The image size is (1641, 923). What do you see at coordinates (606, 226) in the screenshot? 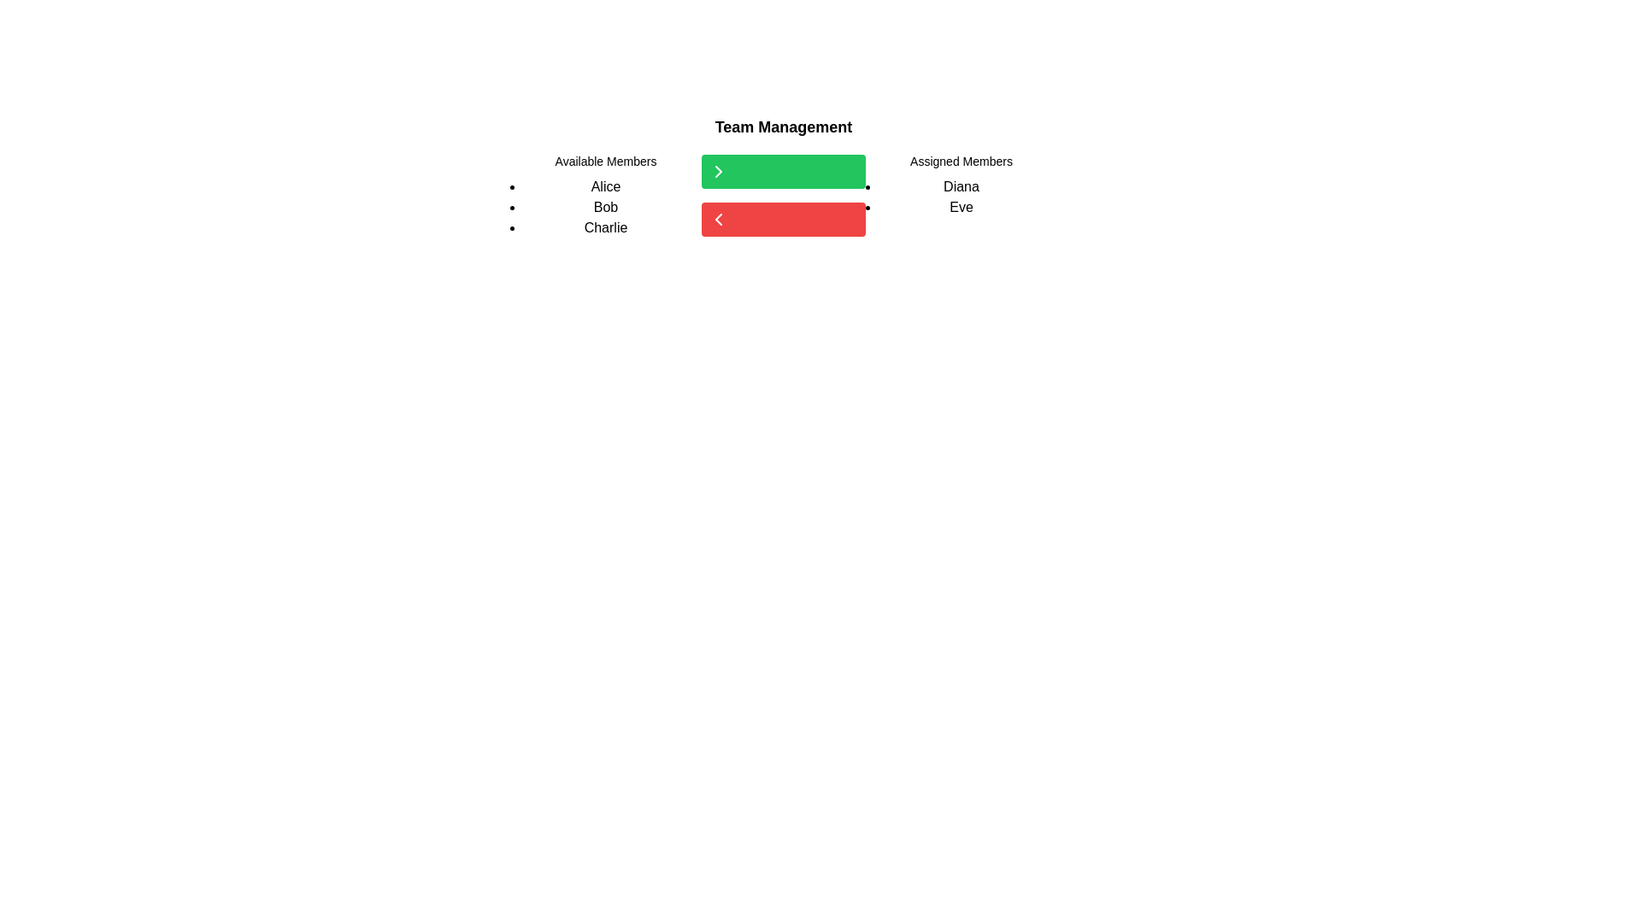
I see `the text label representing 'Charlie' in the 'Available Members' section` at bounding box center [606, 226].